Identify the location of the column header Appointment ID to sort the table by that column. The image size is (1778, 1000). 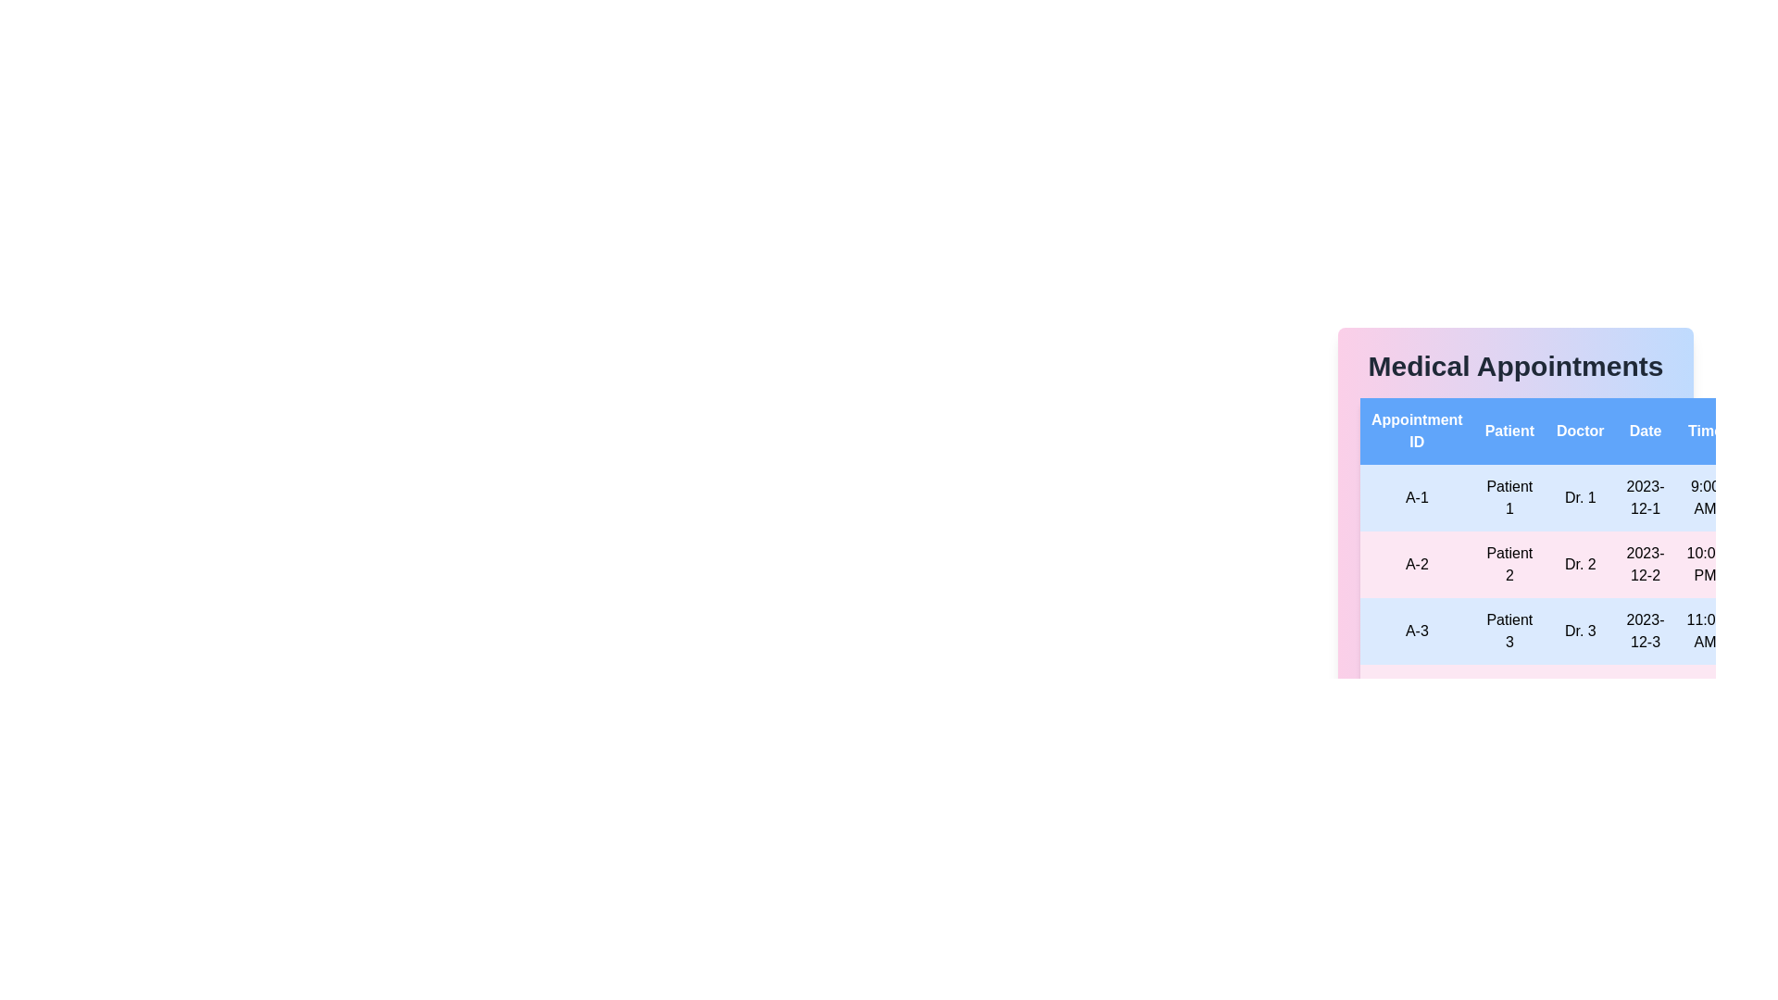
(1416, 431).